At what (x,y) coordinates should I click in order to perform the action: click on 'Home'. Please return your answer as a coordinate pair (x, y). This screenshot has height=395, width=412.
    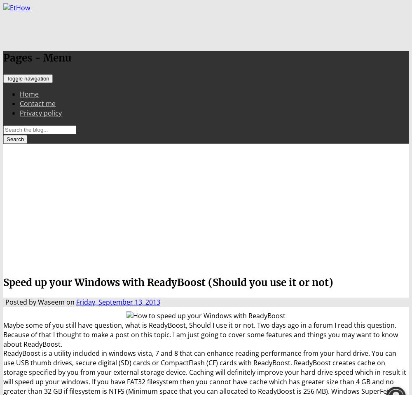
    Looking at the image, I should click on (29, 93).